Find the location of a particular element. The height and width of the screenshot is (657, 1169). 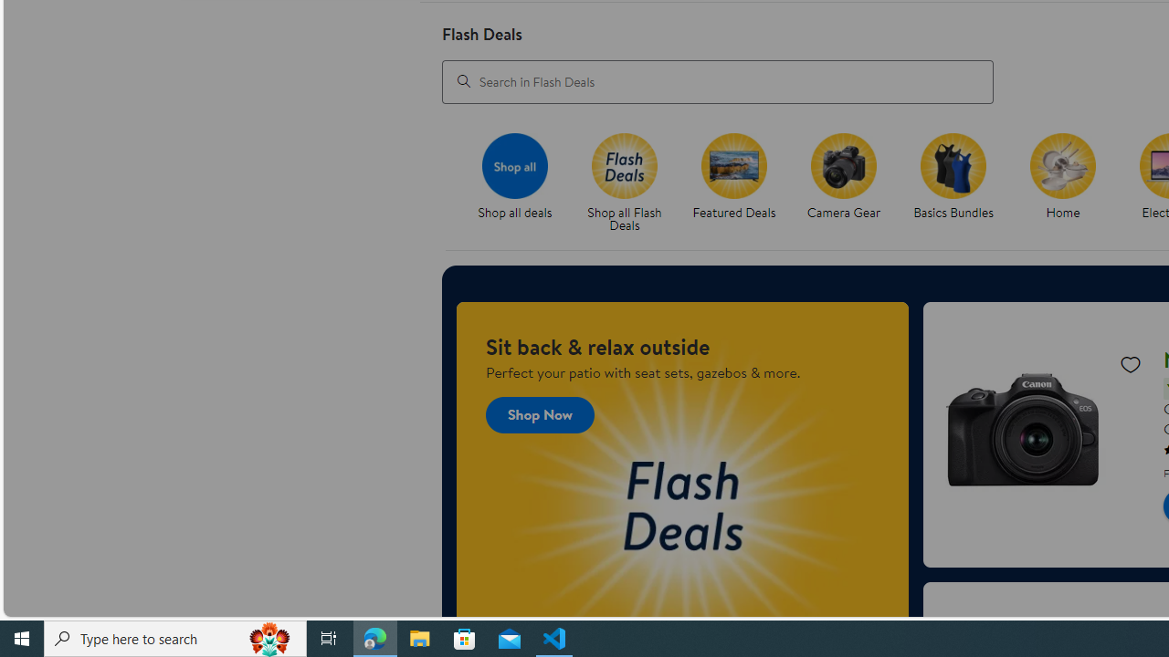

'Shop all deals' is located at coordinates (521, 183).